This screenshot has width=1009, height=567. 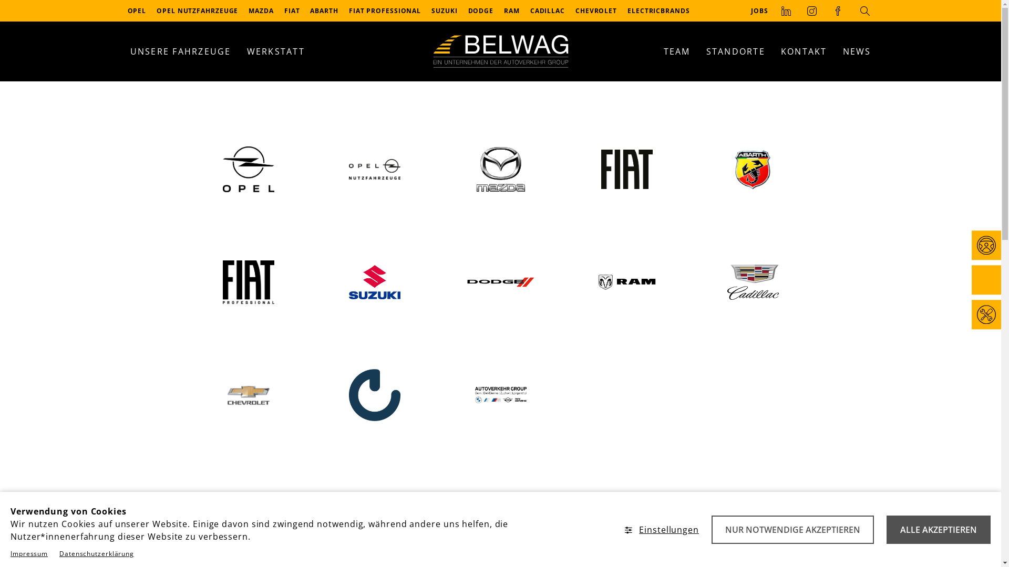 What do you see at coordinates (499, 395) in the screenshot?
I see `'Autoverkehr Group'` at bounding box center [499, 395].